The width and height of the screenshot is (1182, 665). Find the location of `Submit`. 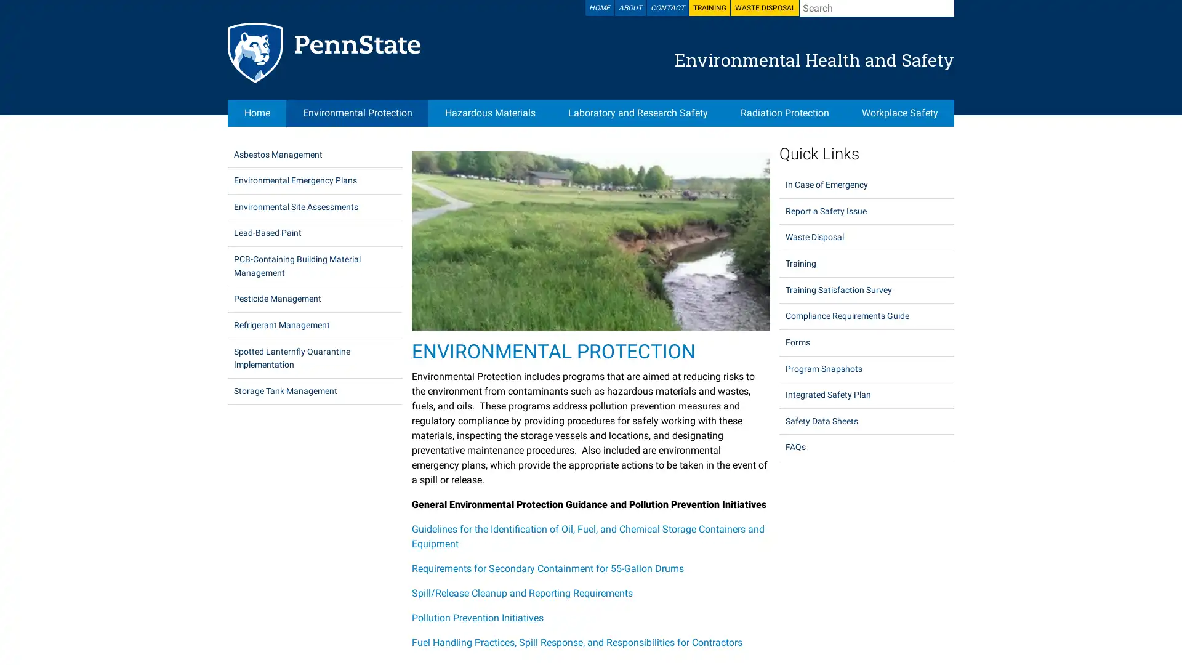

Submit is located at coordinates (945, 7).